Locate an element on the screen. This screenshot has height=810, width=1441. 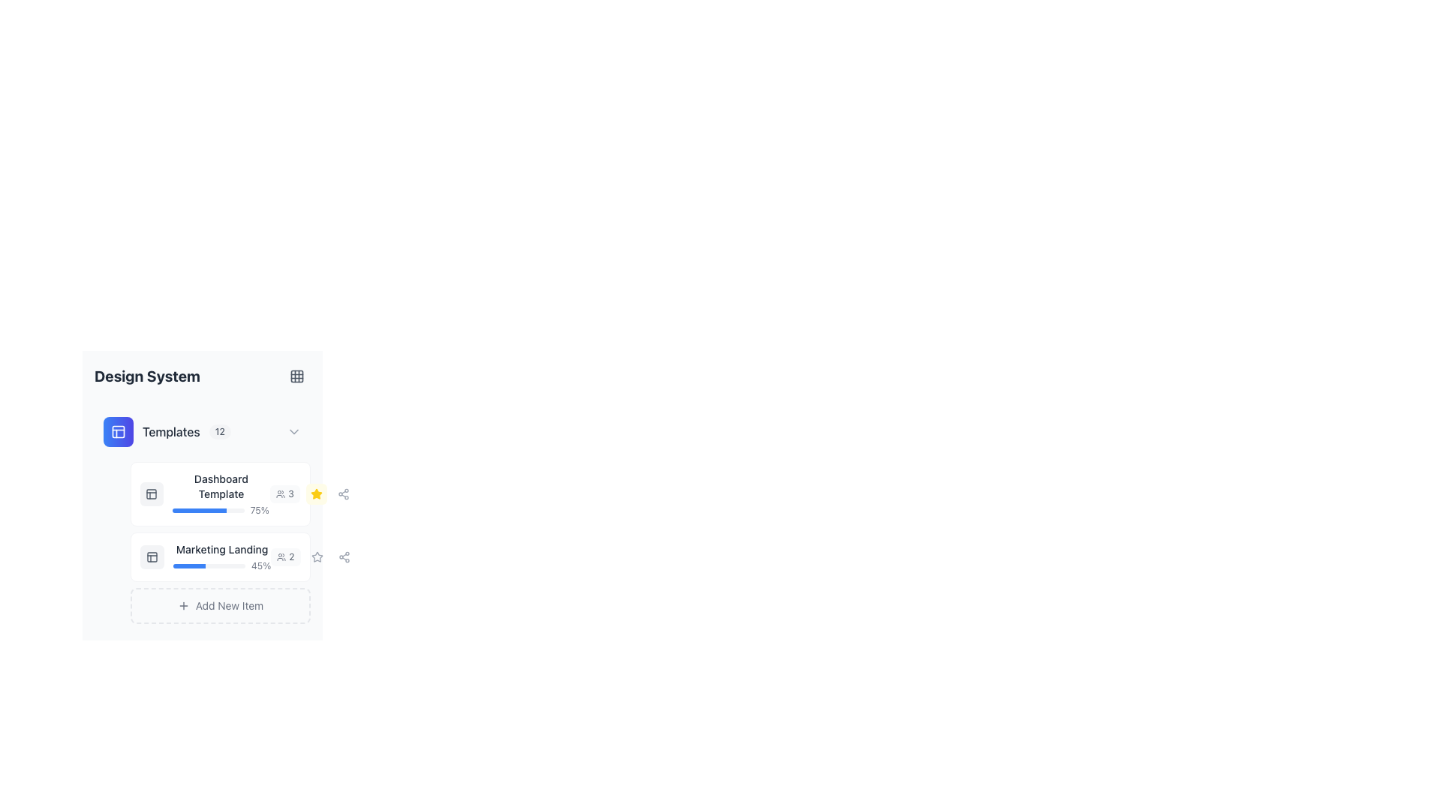
the progress value of the blue filled progress bar located under the 'Dashboard Template' label and above the '75%' numeral is located at coordinates (201, 514).